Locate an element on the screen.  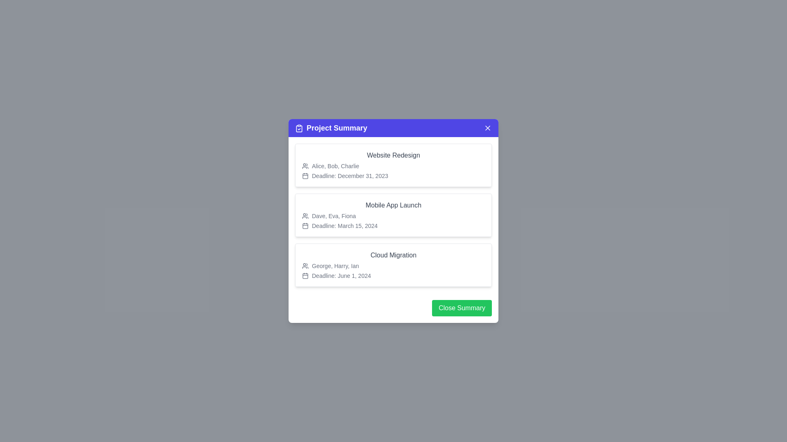
the project card for Cloud Migration to read its details is located at coordinates (393, 265).